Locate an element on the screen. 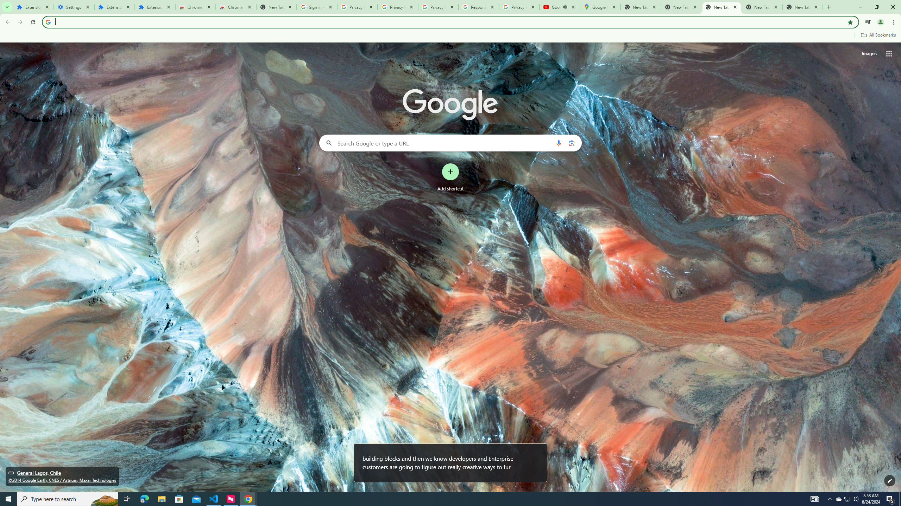 Image resolution: width=901 pixels, height=506 pixels. 'New Tab' is located at coordinates (802, 7).